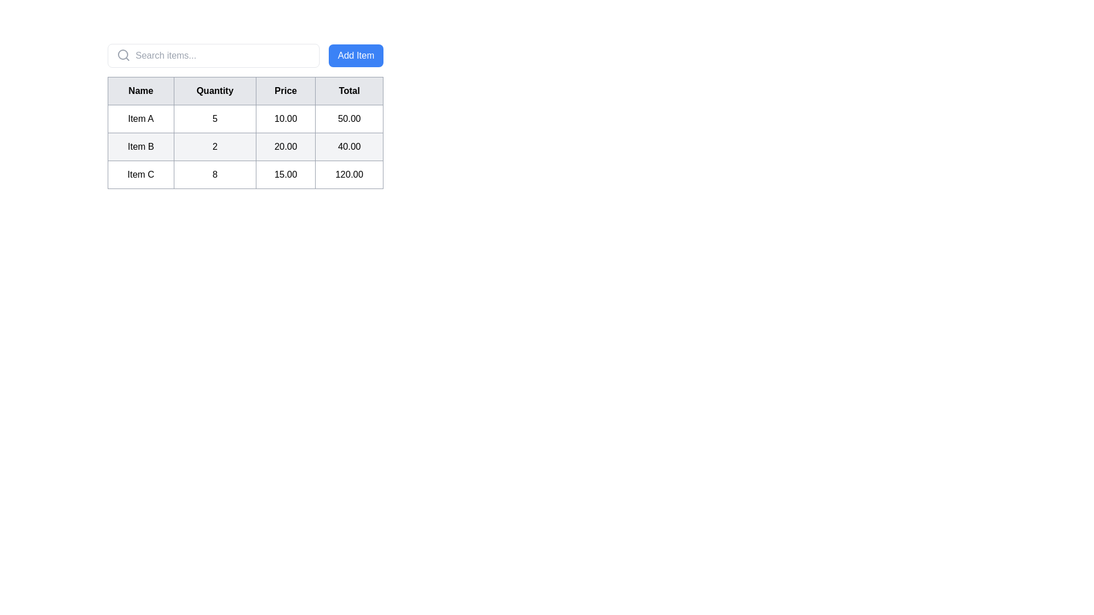  Describe the element at coordinates (140, 175) in the screenshot. I see `text from the table cell in the 'Name' column that identifies the row labeled 'Item C'` at that location.